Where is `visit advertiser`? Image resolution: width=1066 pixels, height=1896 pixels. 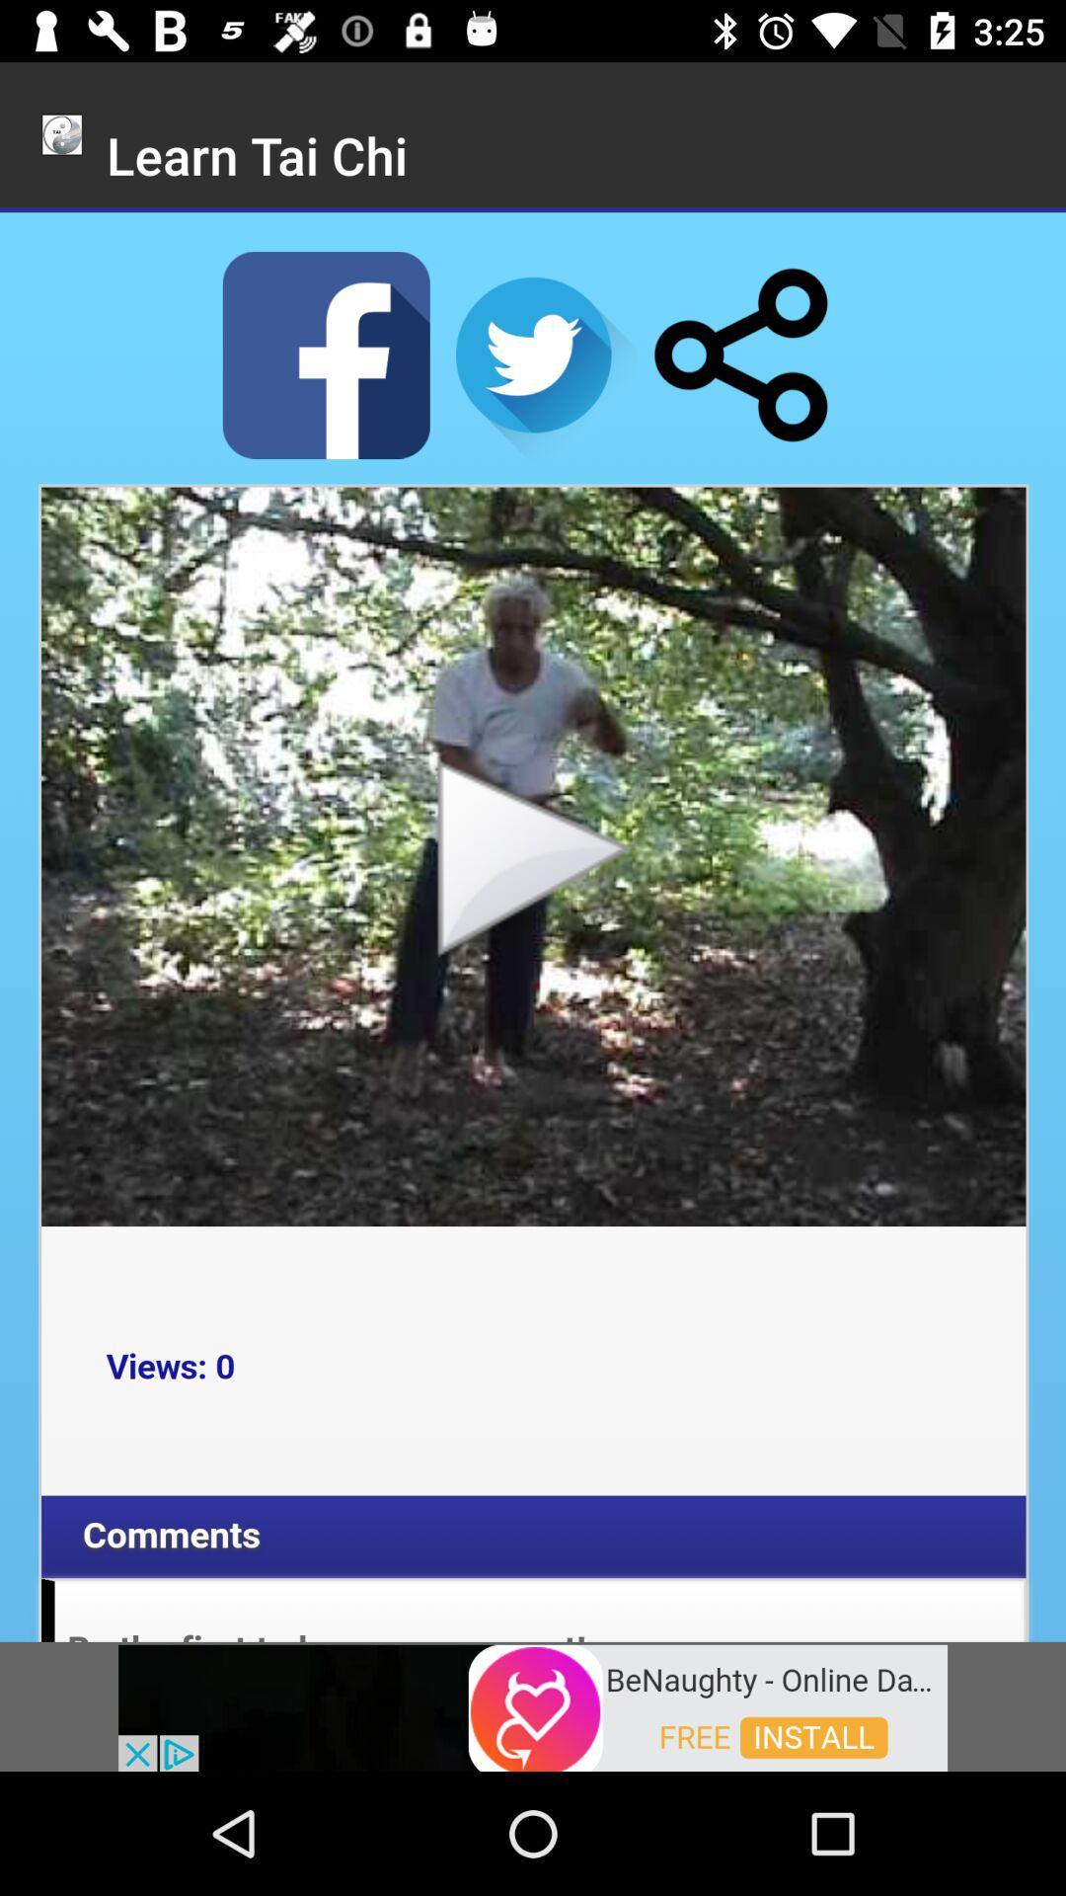
visit advertiser is located at coordinates (533, 1705).